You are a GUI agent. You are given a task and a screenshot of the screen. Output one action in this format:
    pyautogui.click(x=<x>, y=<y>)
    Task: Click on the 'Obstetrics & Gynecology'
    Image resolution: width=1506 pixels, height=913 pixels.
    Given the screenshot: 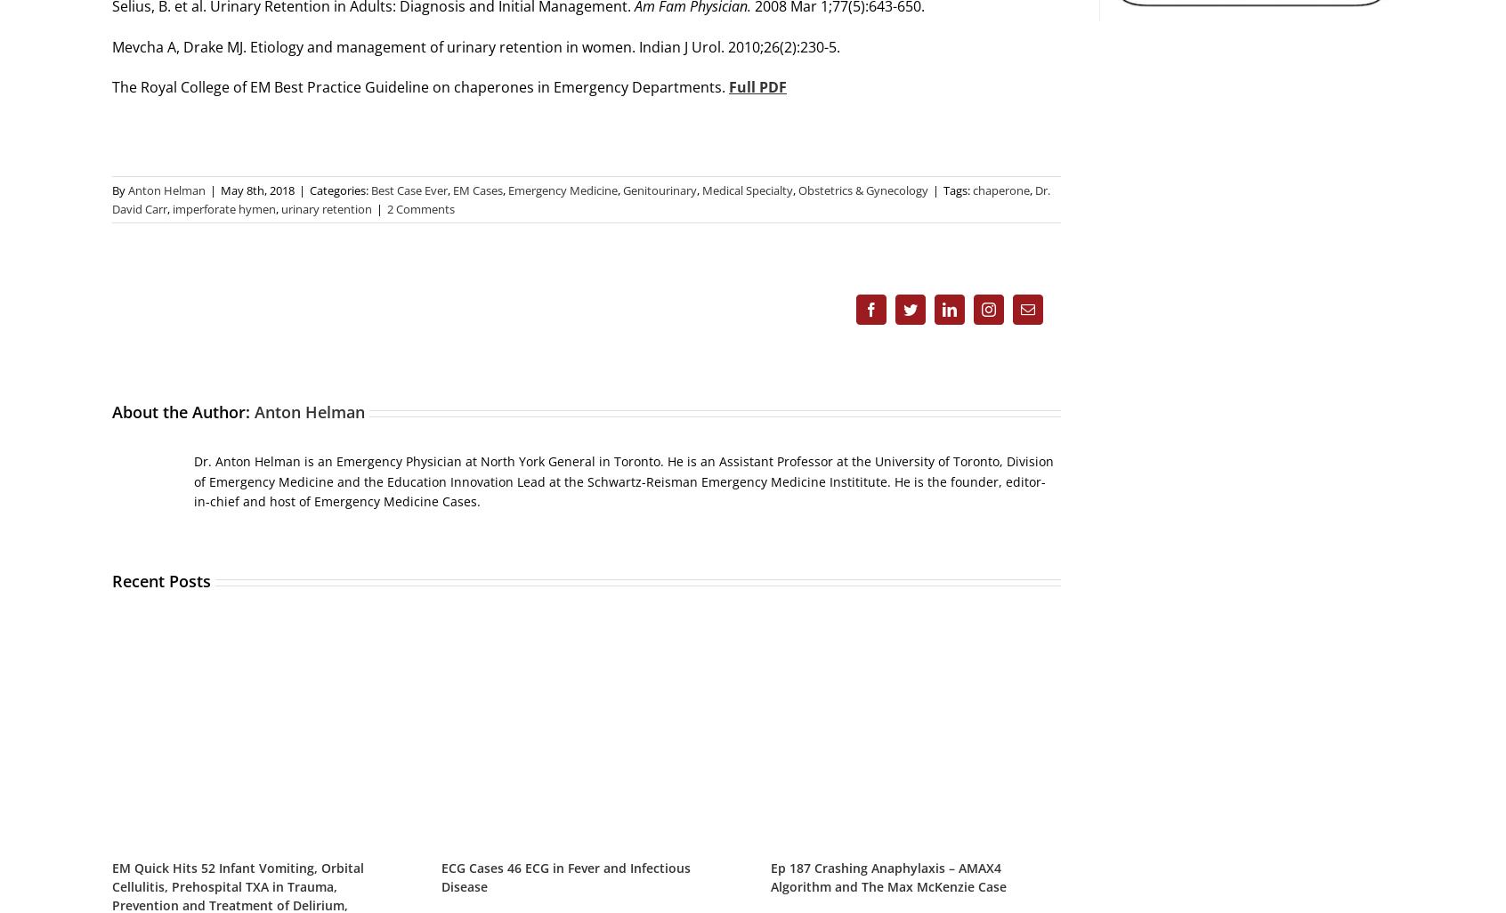 What is the action you would take?
    pyautogui.click(x=863, y=190)
    